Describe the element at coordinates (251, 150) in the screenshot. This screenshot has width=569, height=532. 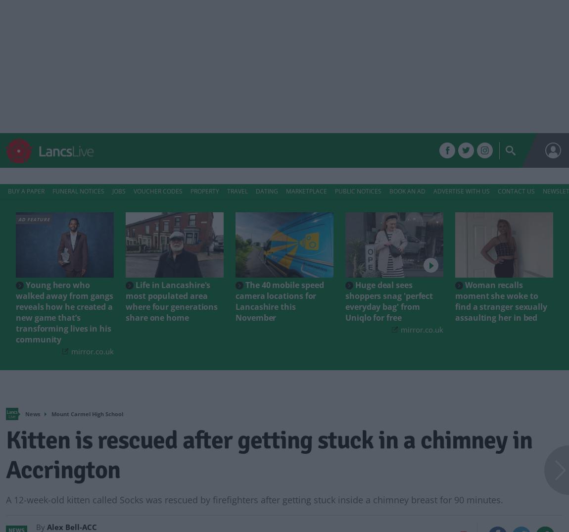
I see `'Clarets'` at that location.